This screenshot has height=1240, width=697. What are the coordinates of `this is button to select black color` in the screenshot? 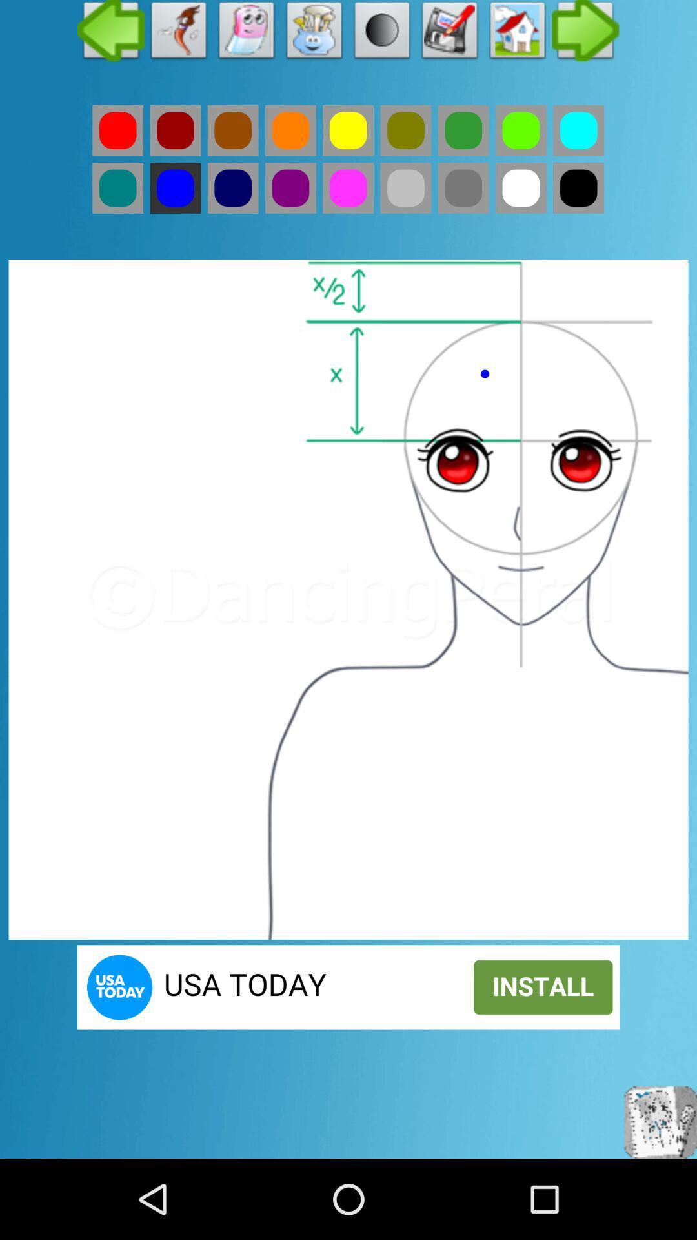 It's located at (578, 187).